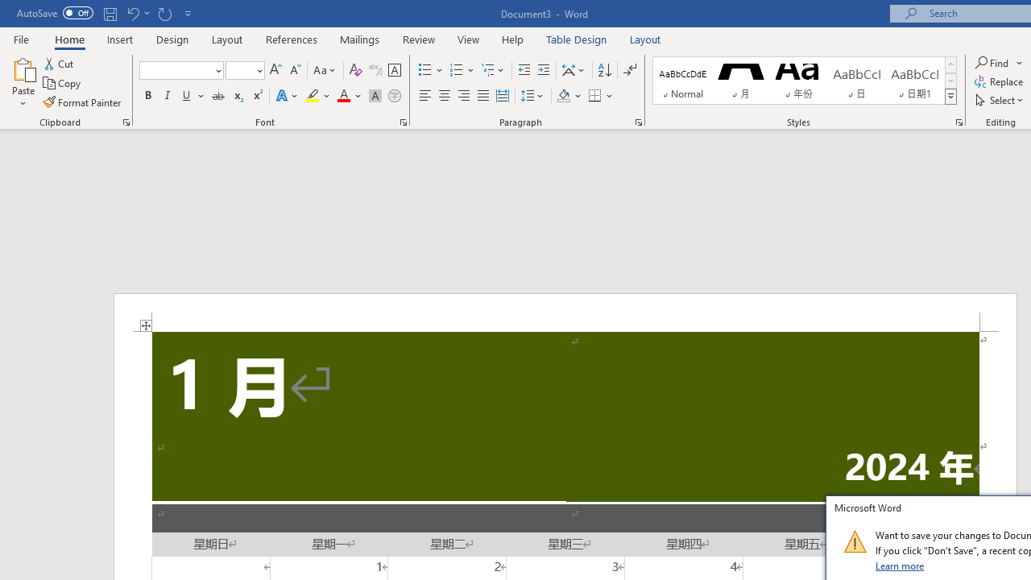  I want to click on 'Decrease Indent', so click(524, 69).